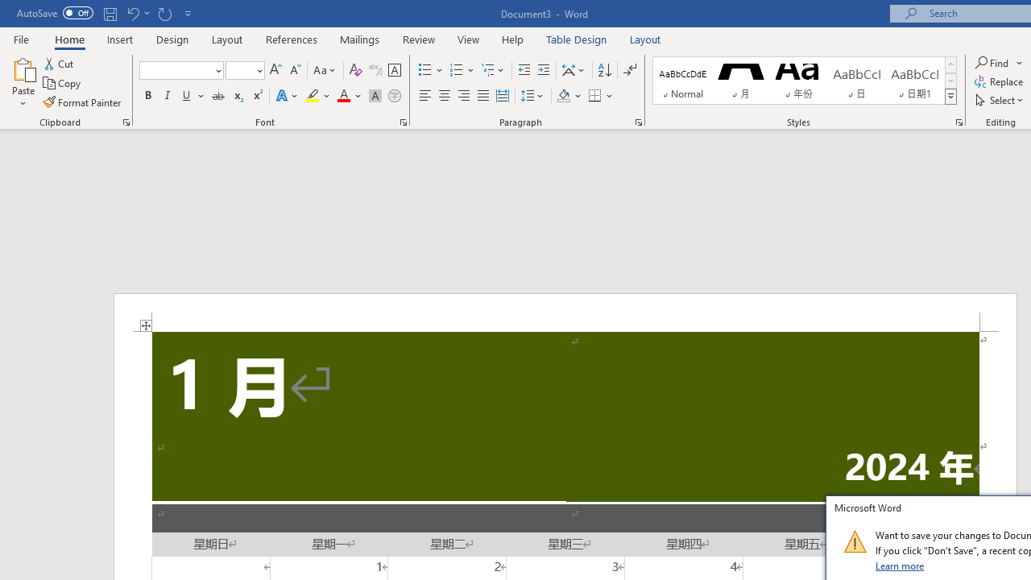  I want to click on 'Decrease Indent', so click(524, 69).